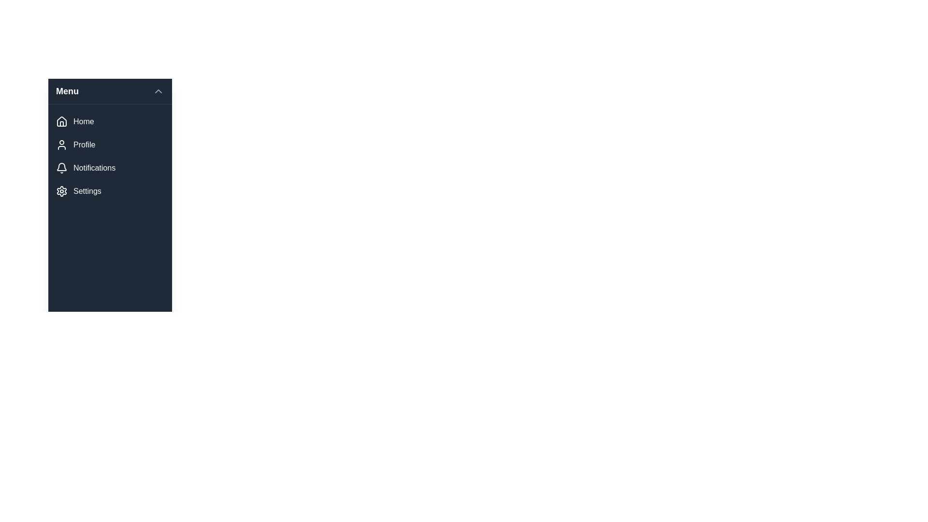  I want to click on the sidebar menu item represented by the house icon located to the left of the 'Home' label in the vertical sidebar menu, so click(61, 123).